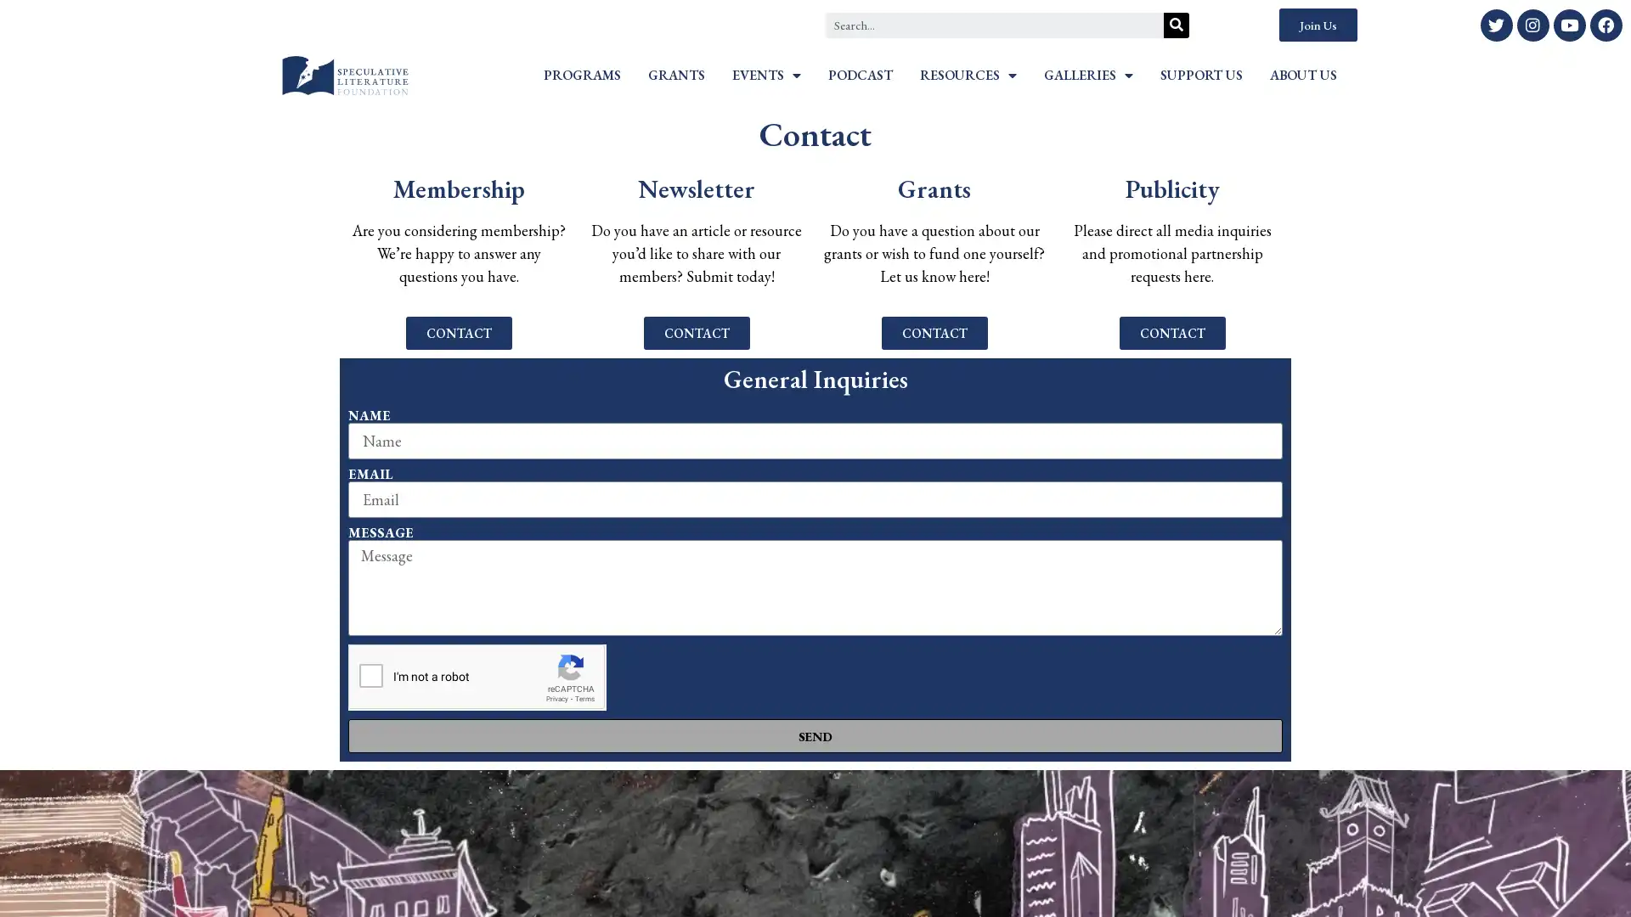  I want to click on CONTACT, so click(933, 332).